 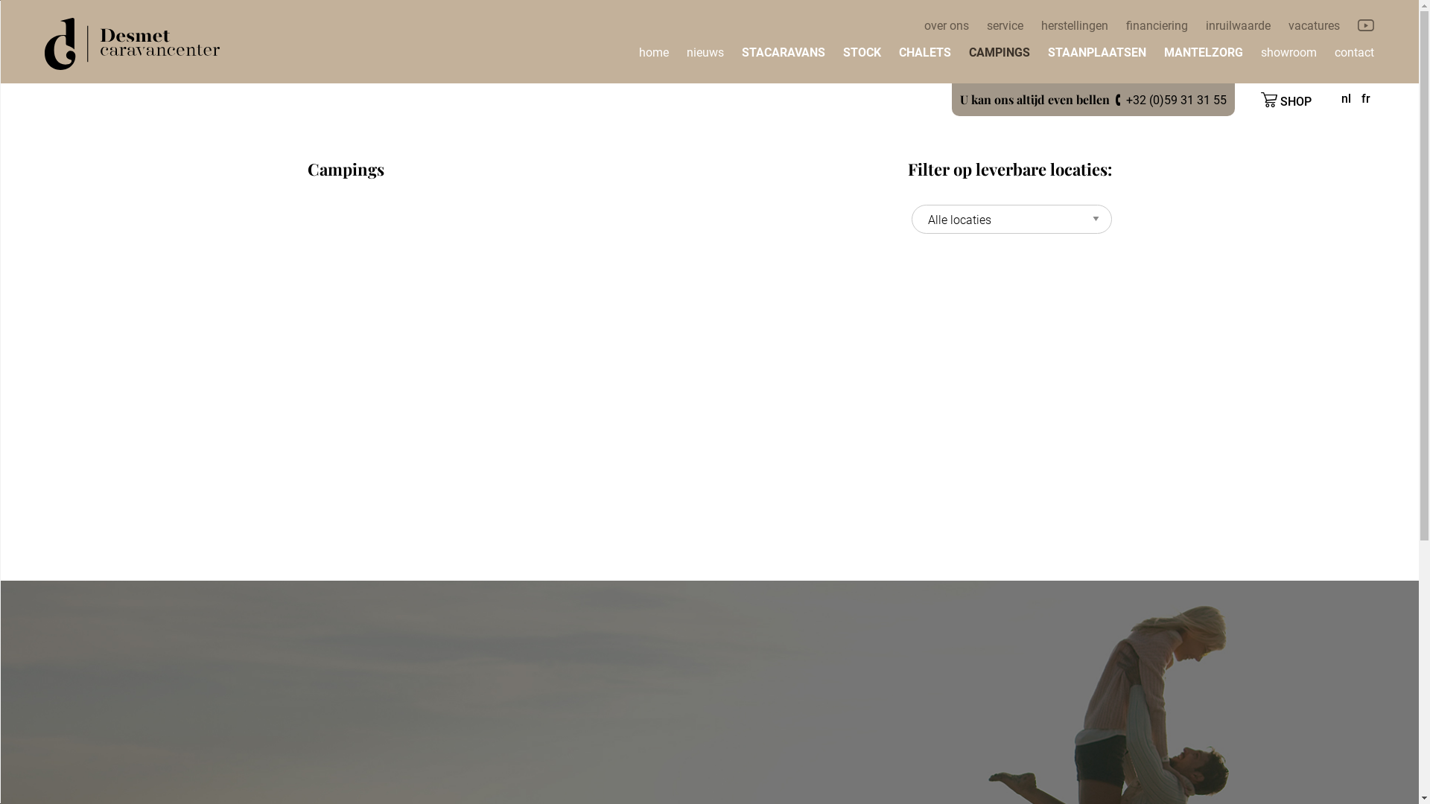 I want to click on 'over ons', so click(x=946, y=25).